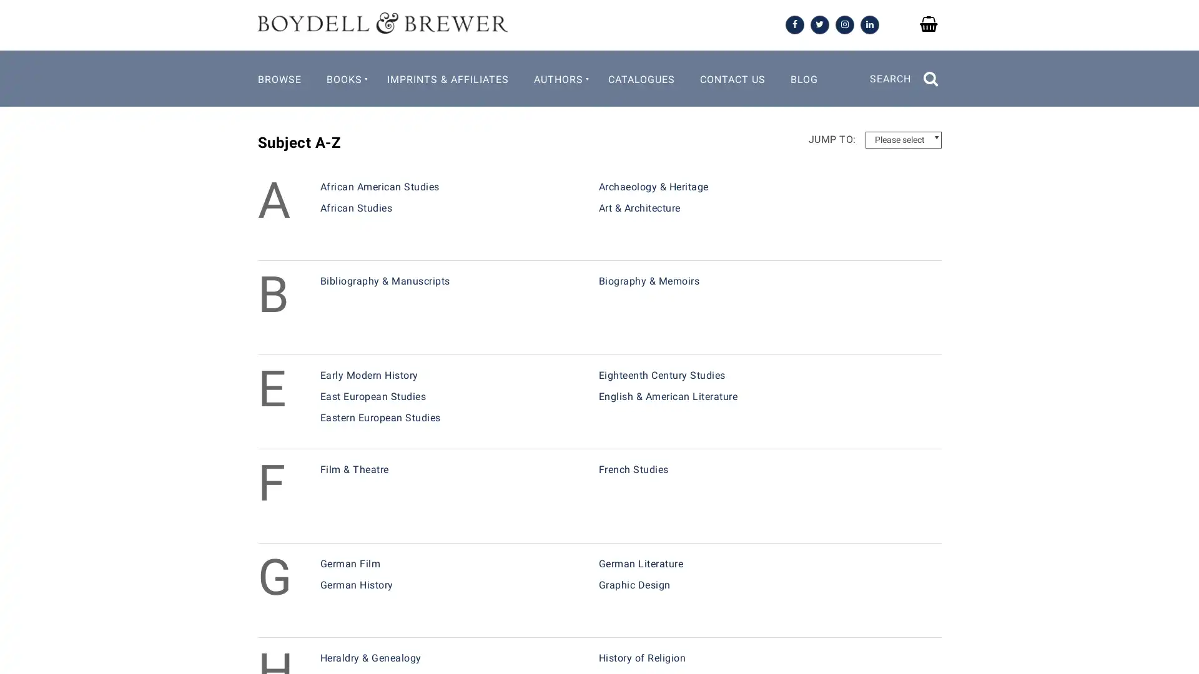 The height and width of the screenshot is (674, 1199). What do you see at coordinates (905, 69) in the screenshot?
I see `SEARCH` at bounding box center [905, 69].